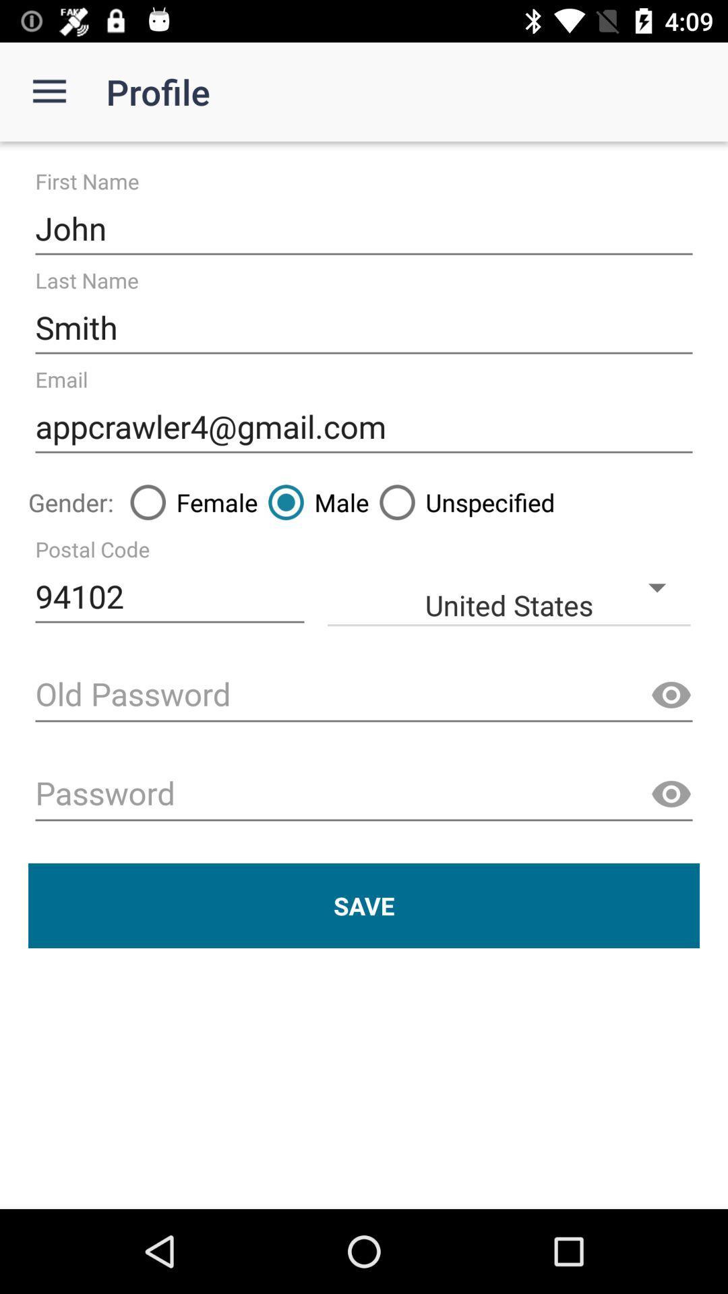 Image resolution: width=728 pixels, height=1294 pixels. What do you see at coordinates (364, 328) in the screenshot?
I see `the smith` at bounding box center [364, 328].